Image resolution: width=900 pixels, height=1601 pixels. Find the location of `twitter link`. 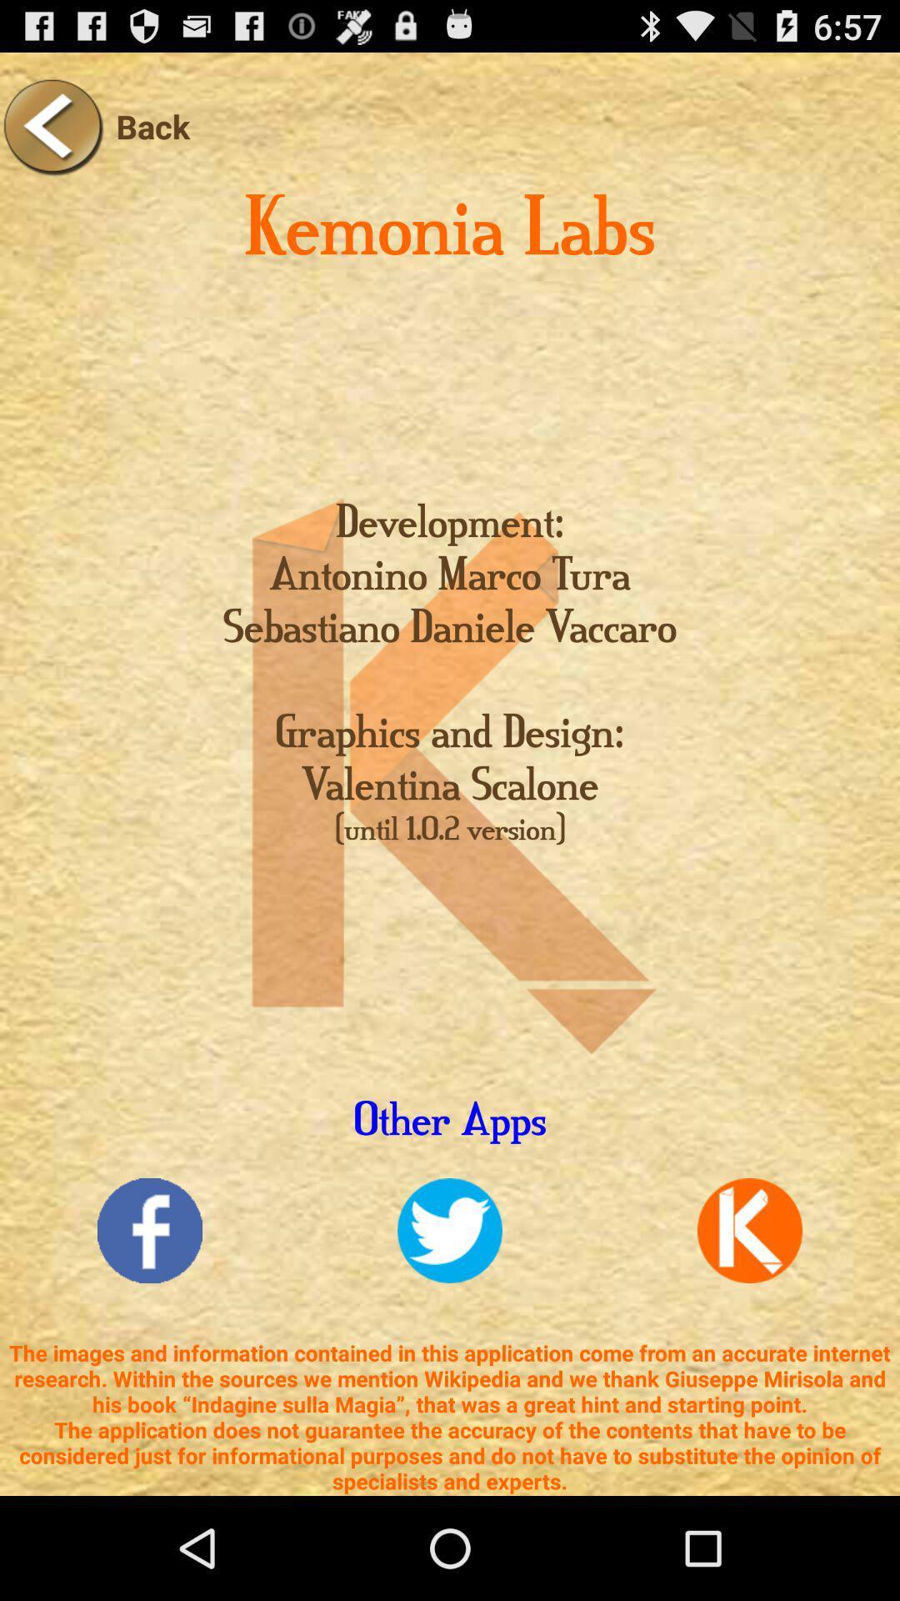

twitter link is located at coordinates (450, 1231).